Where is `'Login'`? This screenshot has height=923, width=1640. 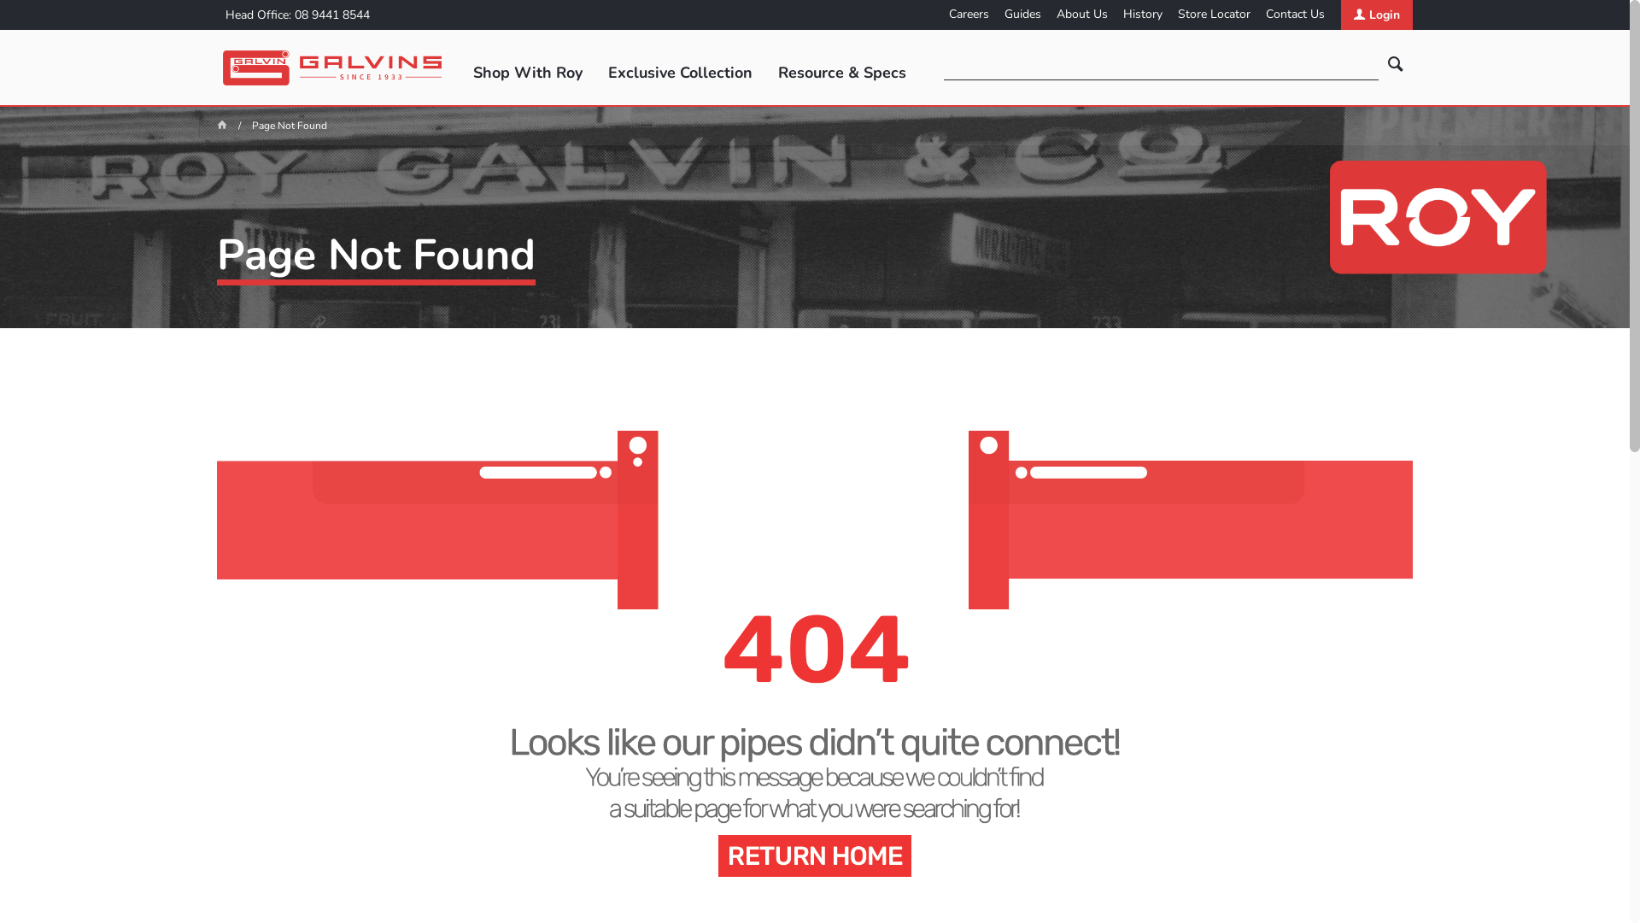 'Login' is located at coordinates (1377, 15).